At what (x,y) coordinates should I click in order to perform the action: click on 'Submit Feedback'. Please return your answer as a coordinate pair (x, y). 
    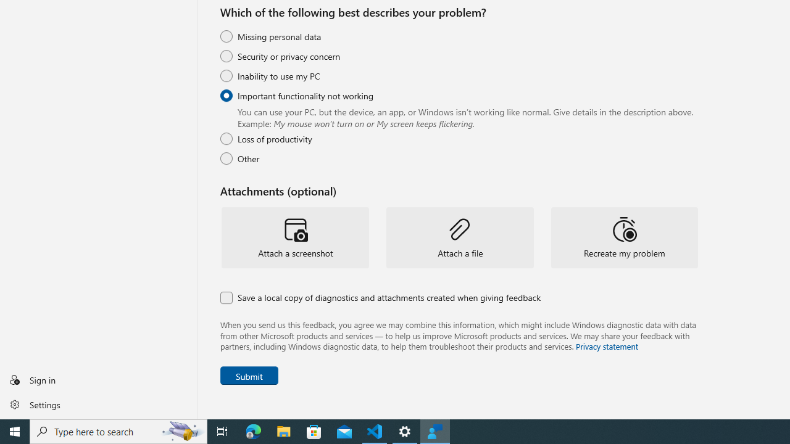
    Looking at the image, I should click on (248, 375).